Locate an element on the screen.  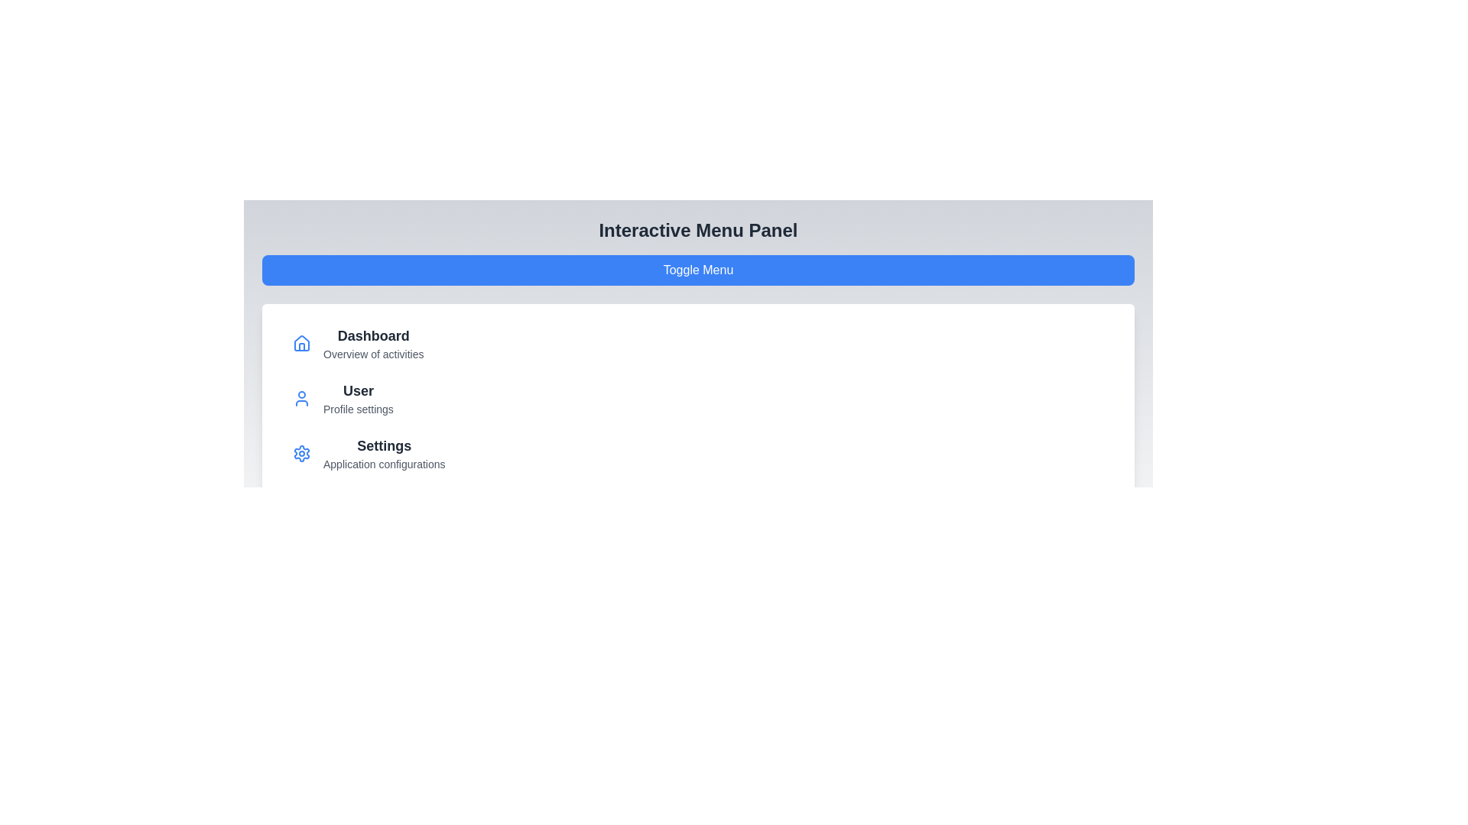
the menu item labeled User is located at coordinates (357, 390).